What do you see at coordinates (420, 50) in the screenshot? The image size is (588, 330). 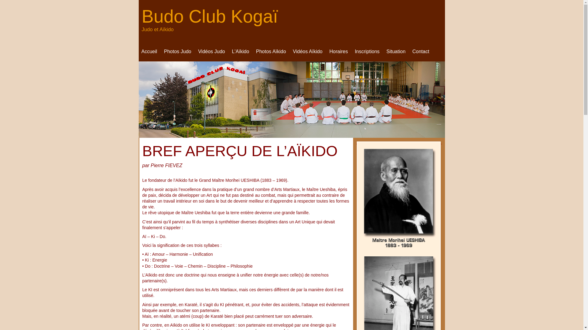 I see `'Contact'` at bounding box center [420, 50].